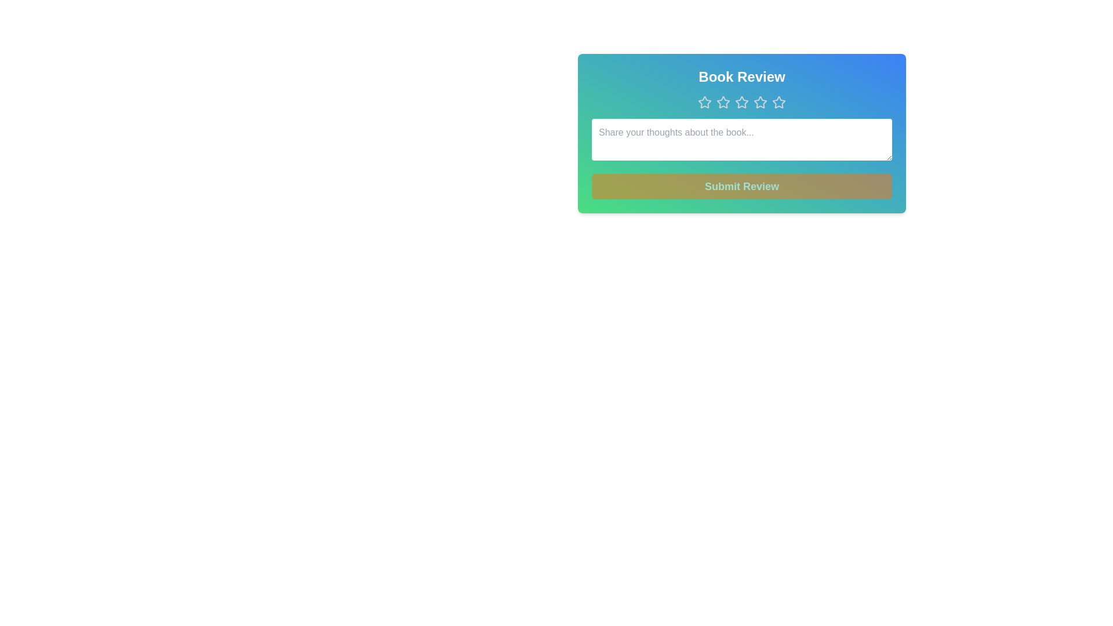  Describe the element at coordinates (723, 102) in the screenshot. I see `the star corresponding to the rating 2` at that location.